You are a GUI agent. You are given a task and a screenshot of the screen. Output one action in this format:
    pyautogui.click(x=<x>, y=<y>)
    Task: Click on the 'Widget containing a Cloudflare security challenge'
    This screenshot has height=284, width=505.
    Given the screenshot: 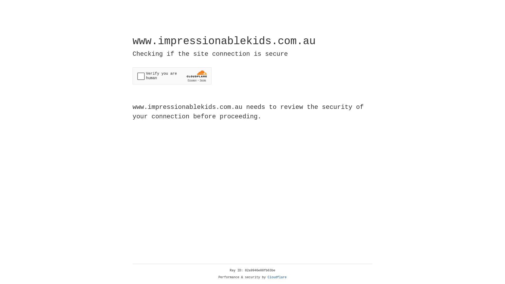 What is the action you would take?
    pyautogui.click(x=172, y=76)
    